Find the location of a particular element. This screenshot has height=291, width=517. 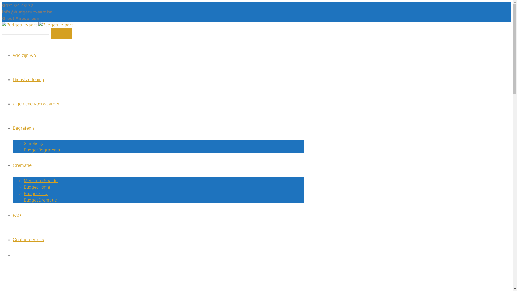

'FAQ' is located at coordinates (17, 215).